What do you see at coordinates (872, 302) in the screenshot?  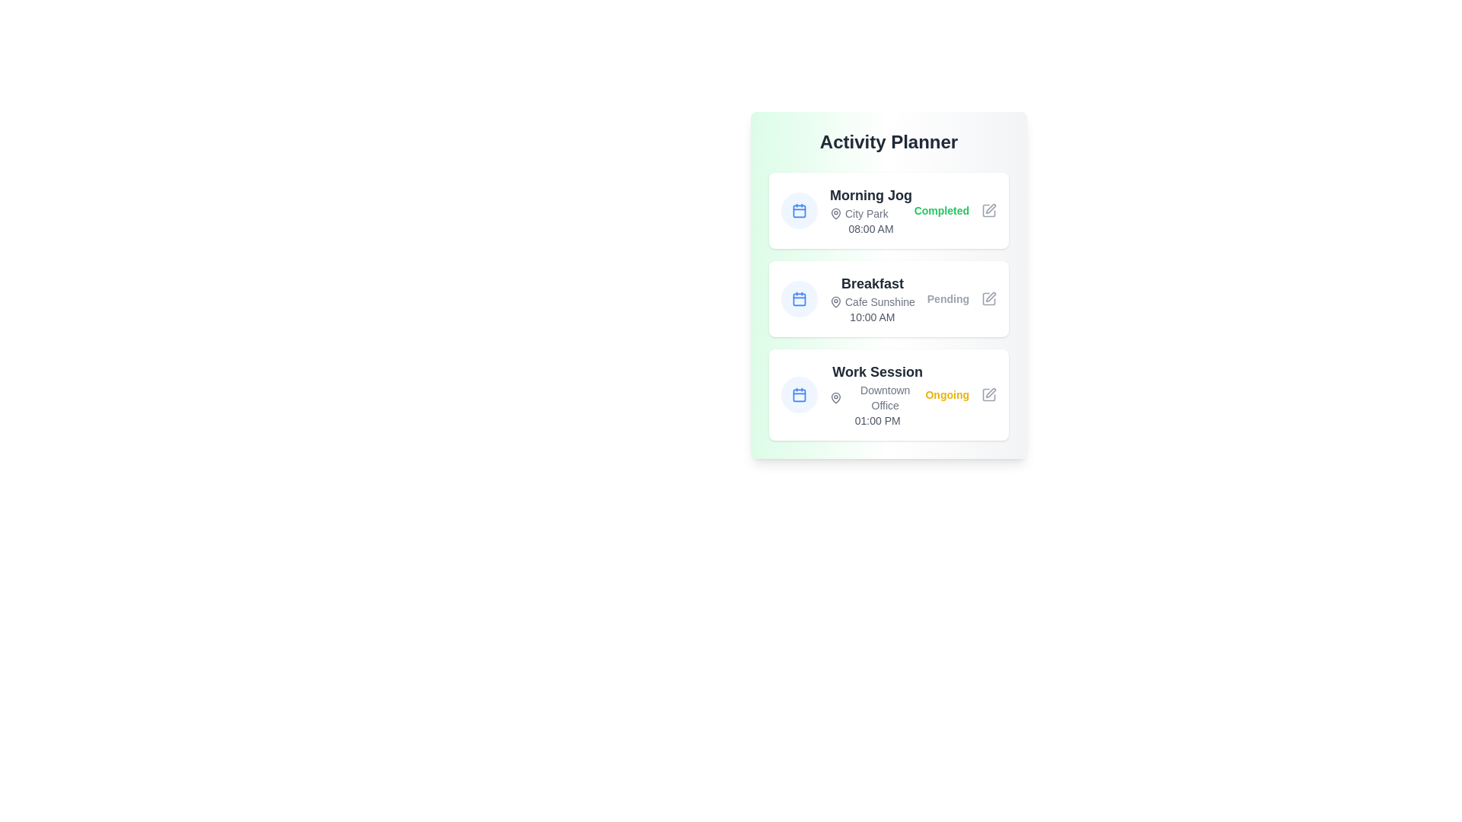 I see `the area of the 'Cafe Sunshine' text label which is styled as small gray text and accompanied by a map pin icon` at bounding box center [872, 302].